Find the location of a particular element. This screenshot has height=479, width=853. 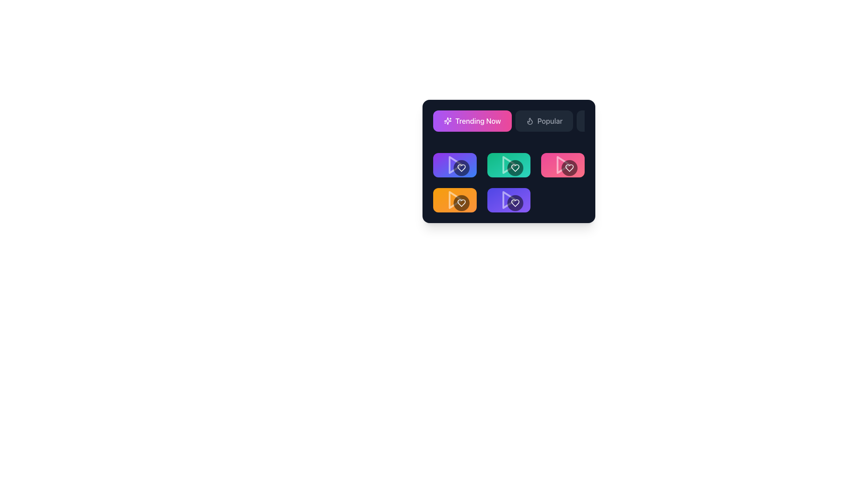

the text label 'Popular' within the button that has a dark gray background and a flame icon is located at coordinates (550, 121).